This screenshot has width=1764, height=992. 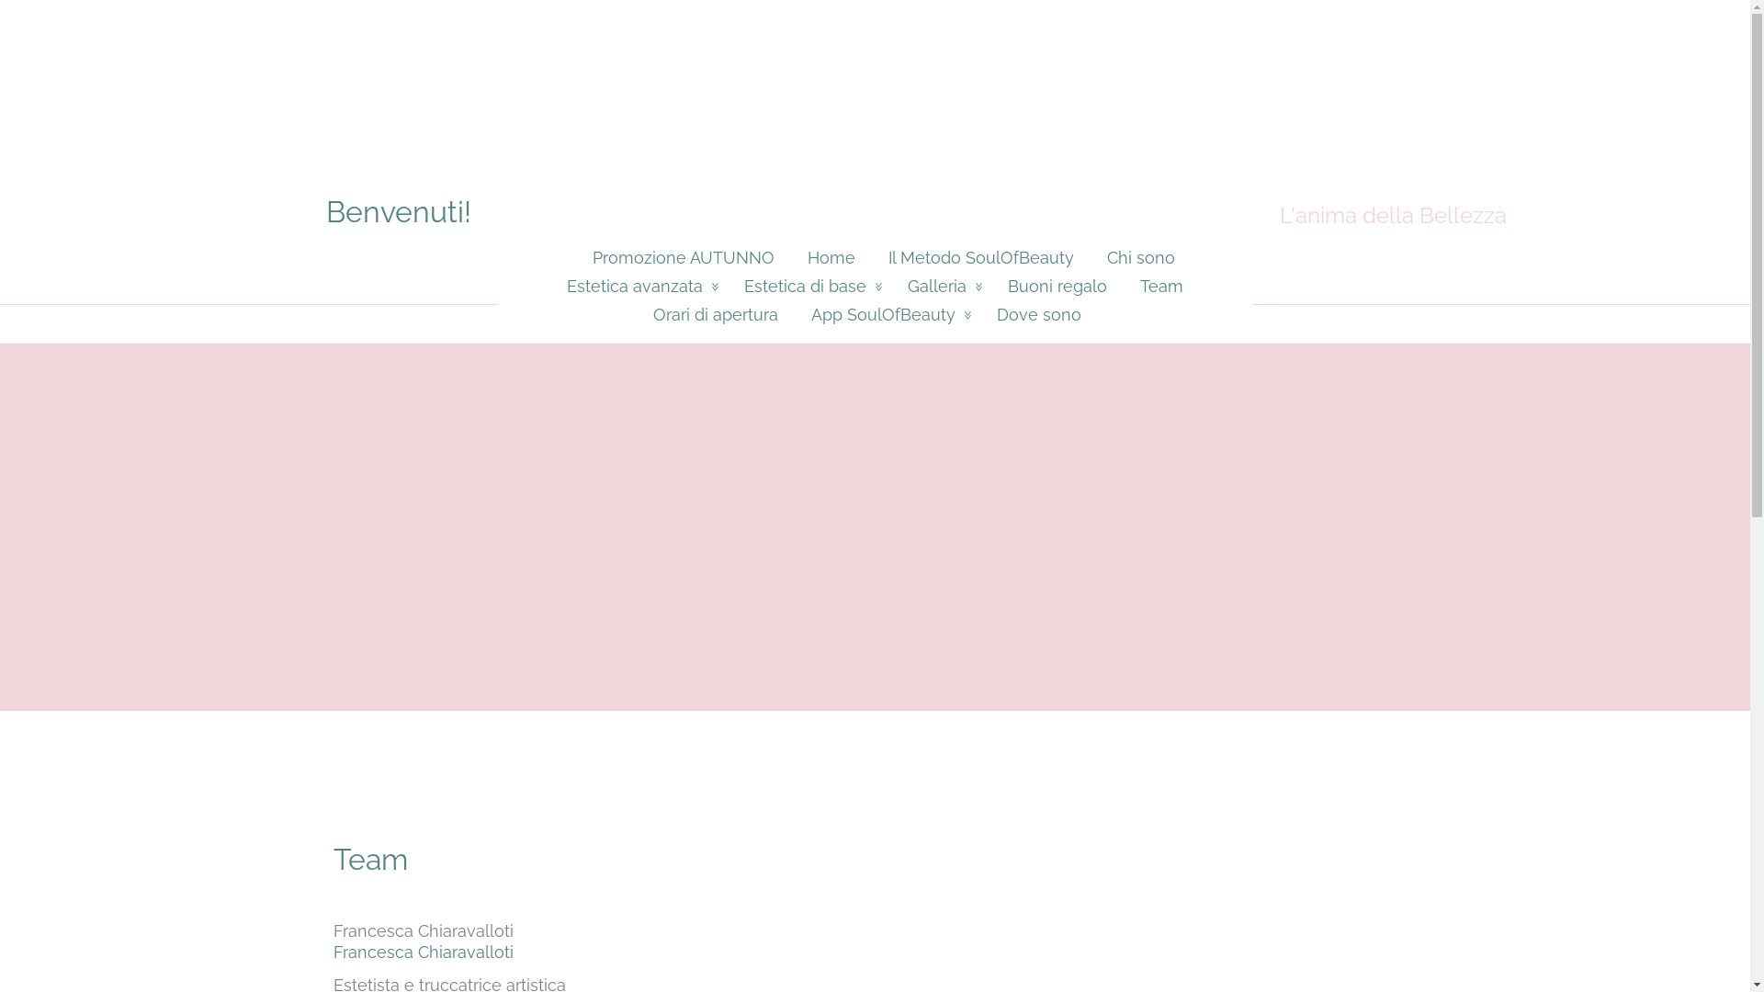 What do you see at coordinates (673, 257) in the screenshot?
I see `'Promozione AUTUNNO'` at bounding box center [673, 257].